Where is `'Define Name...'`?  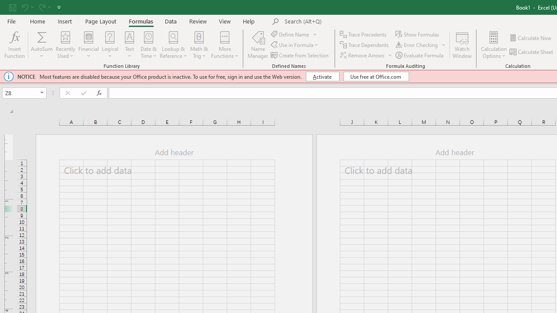 'Define Name...' is located at coordinates (291, 34).